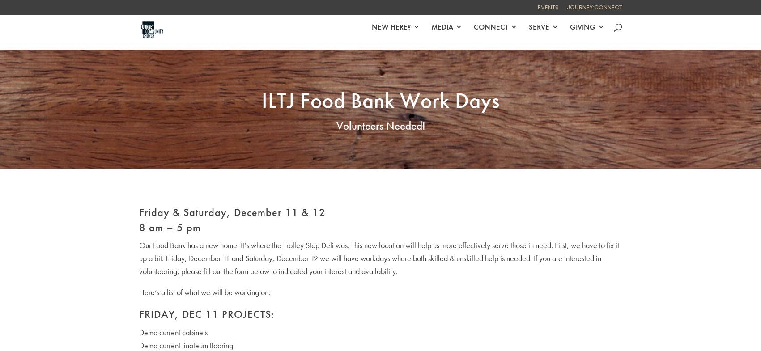 The height and width of the screenshot is (351, 761). I want to click on 'KIDS & STUDENTS', so click(301, 70).